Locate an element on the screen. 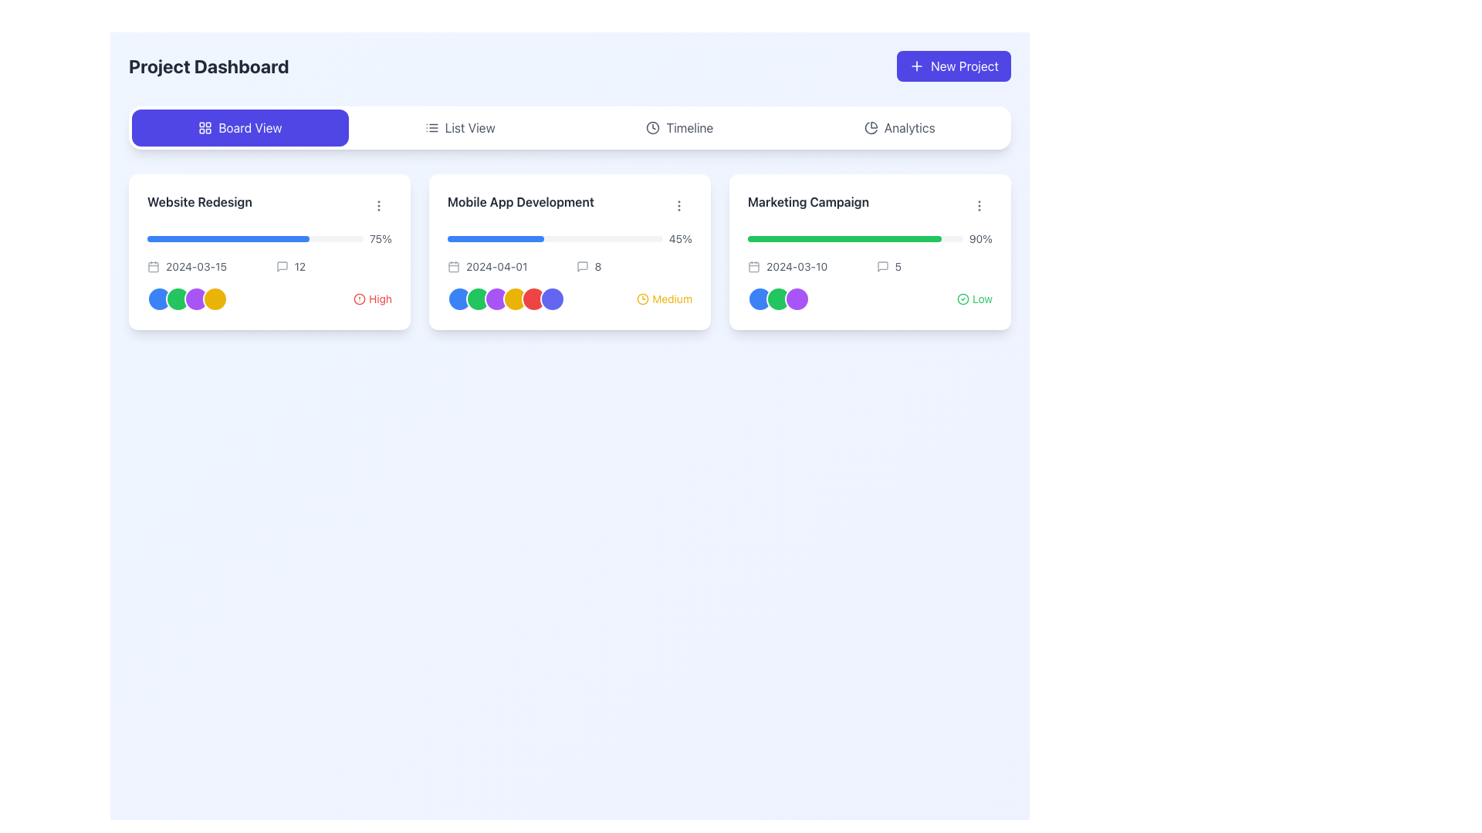 This screenshot has width=1482, height=833. the Icon that visually indicates a time-related concept, which is located to the left of the 'Medium' text in the second card of three cards is located at coordinates (643, 299).